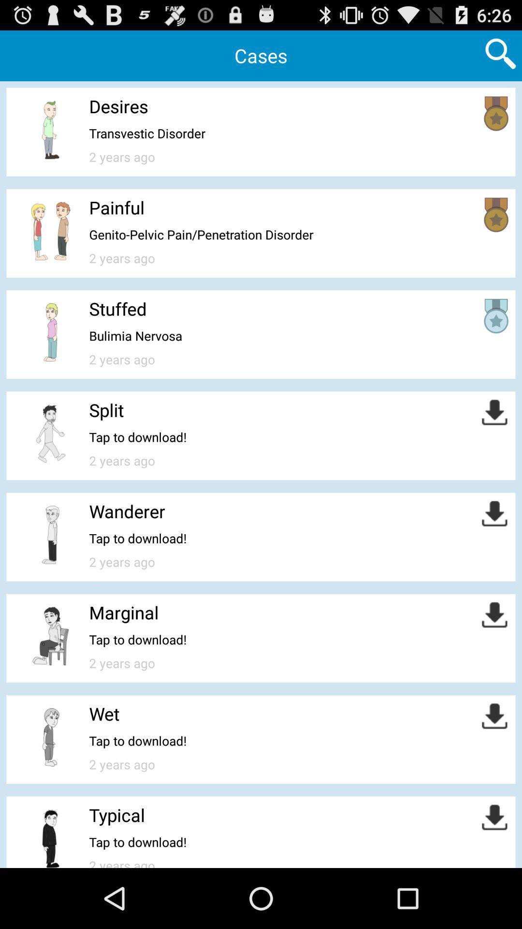 The height and width of the screenshot is (929, 522). Describe the element at coordinates (118, 106) in the screenshot. I see `item below the cases item` at that location.